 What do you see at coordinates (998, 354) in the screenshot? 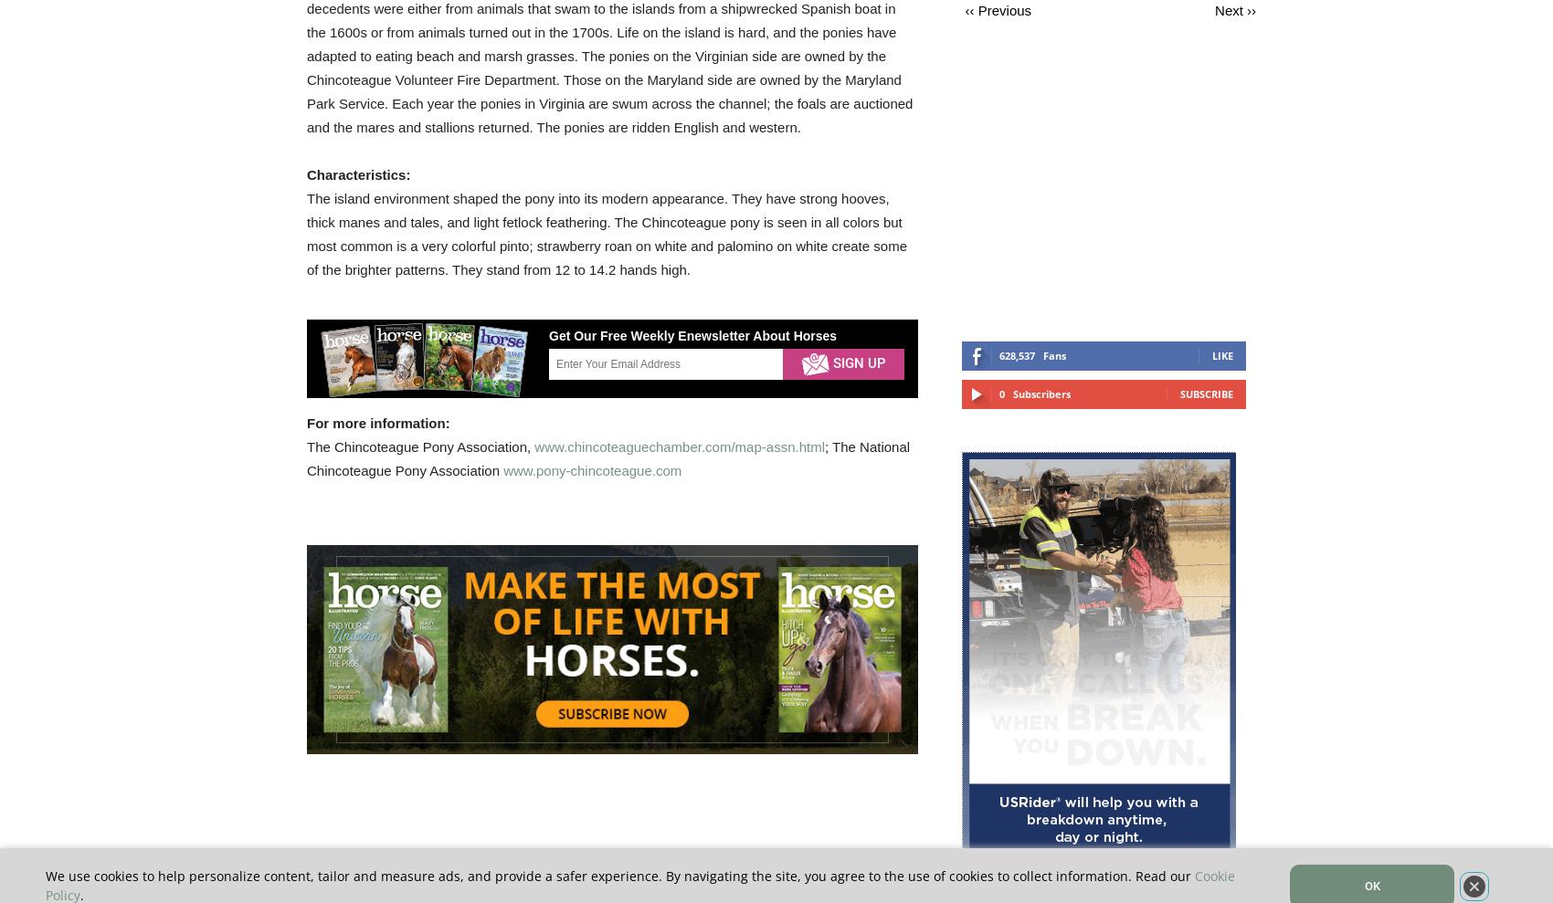
I see `'628,537'` at bounding box center [998, 354].